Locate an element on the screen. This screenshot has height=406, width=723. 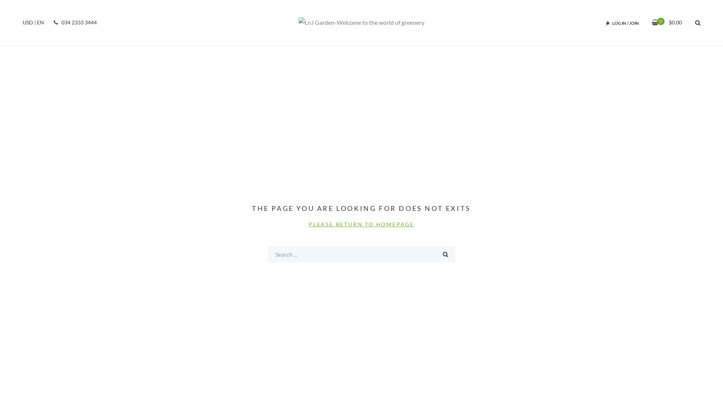
'034 2333 3444' is located at coordinates (74, 22).